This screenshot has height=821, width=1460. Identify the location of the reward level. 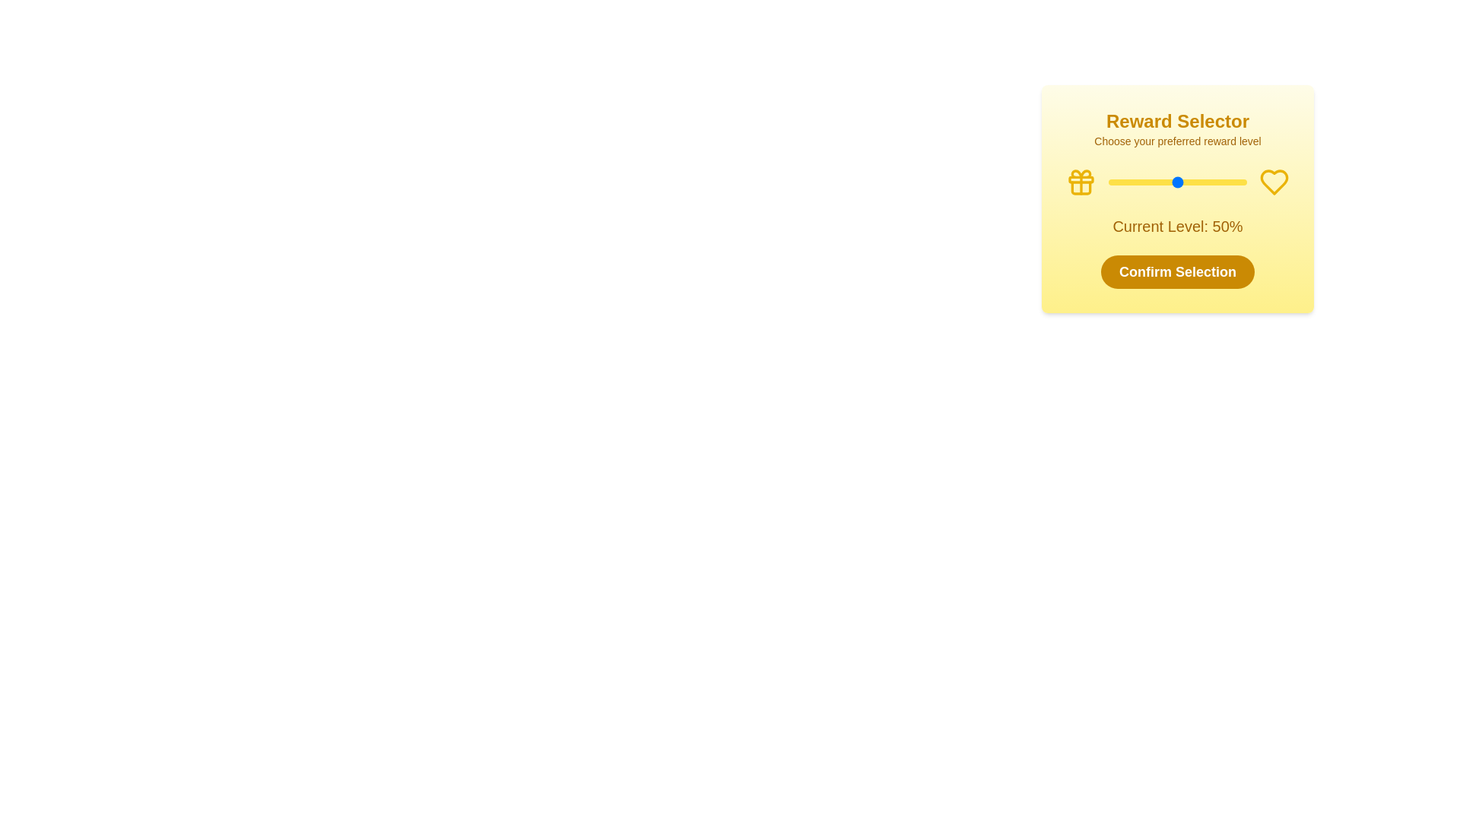
(1208, 181).